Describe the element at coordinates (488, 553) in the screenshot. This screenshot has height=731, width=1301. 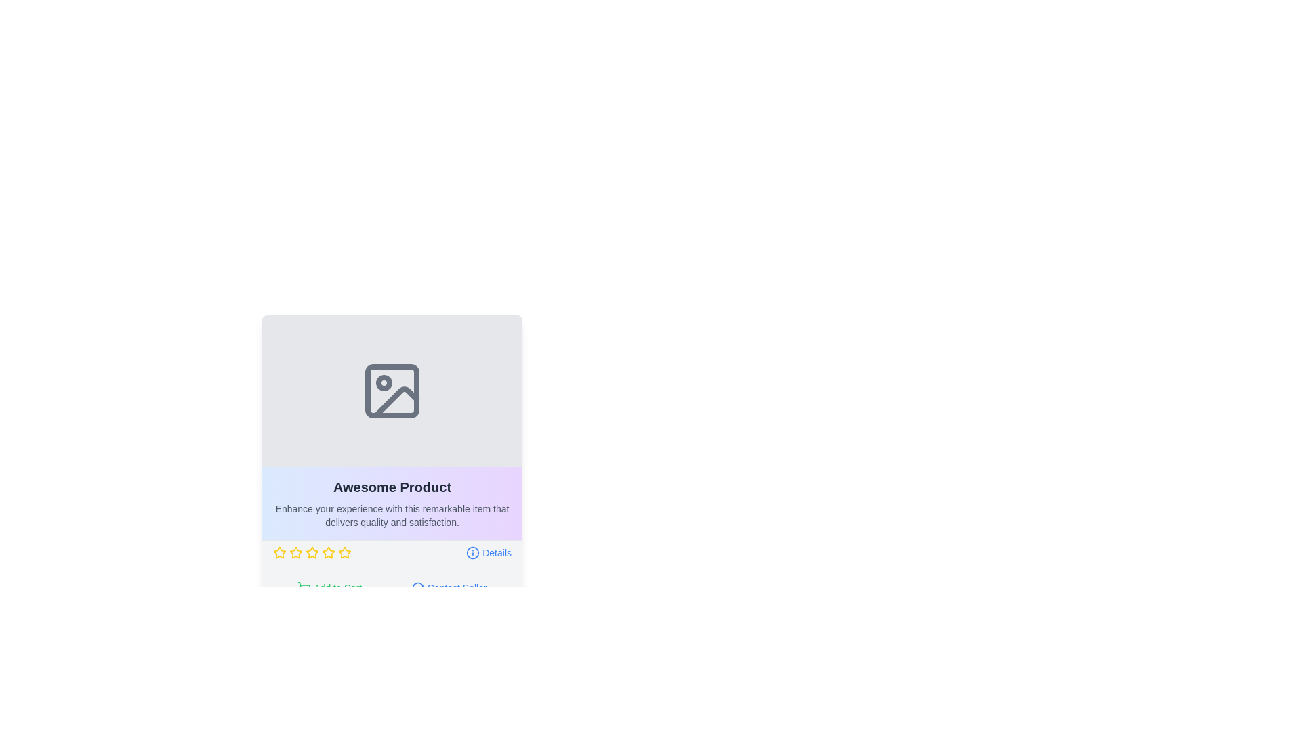
I see `the hyperlink styled in blue with an 'info' icon and the text 'Details' located at the bottom right of the product card` at that location.